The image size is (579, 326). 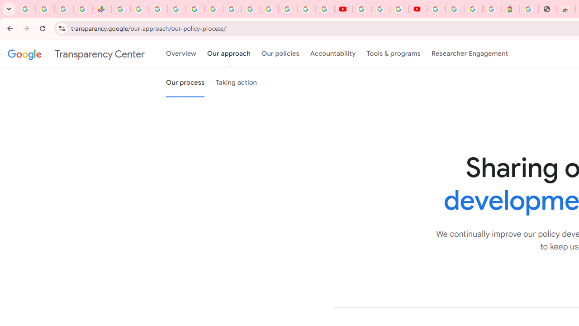 I want to click on 'Accountability', so click(x=332, y=54).